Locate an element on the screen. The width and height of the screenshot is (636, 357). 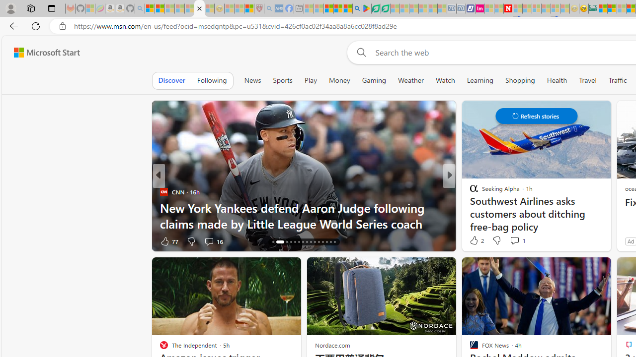
'View comments 20 Comment' is located at coordinates (522, 241).